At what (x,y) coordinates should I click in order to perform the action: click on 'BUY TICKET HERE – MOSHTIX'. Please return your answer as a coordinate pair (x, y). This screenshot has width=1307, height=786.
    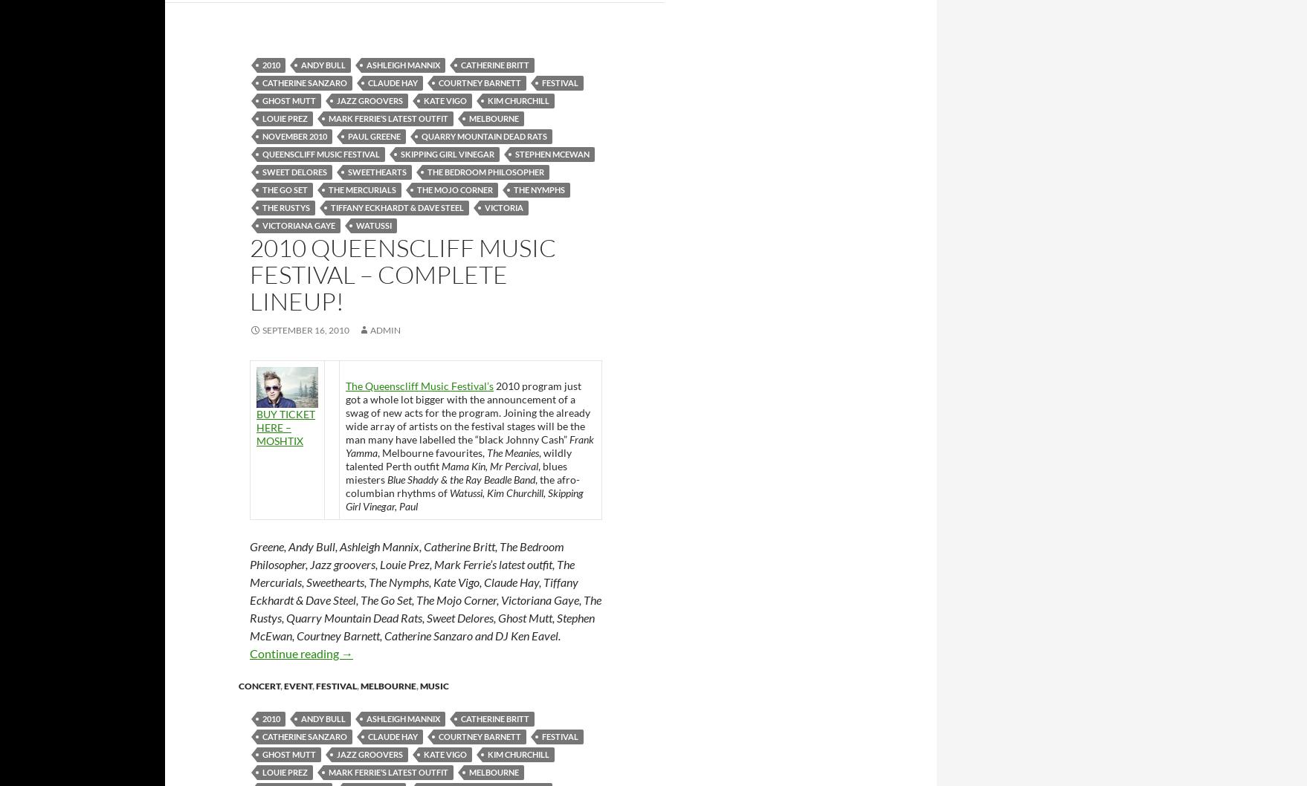
    Looking at the image, I should click on (285, 426).